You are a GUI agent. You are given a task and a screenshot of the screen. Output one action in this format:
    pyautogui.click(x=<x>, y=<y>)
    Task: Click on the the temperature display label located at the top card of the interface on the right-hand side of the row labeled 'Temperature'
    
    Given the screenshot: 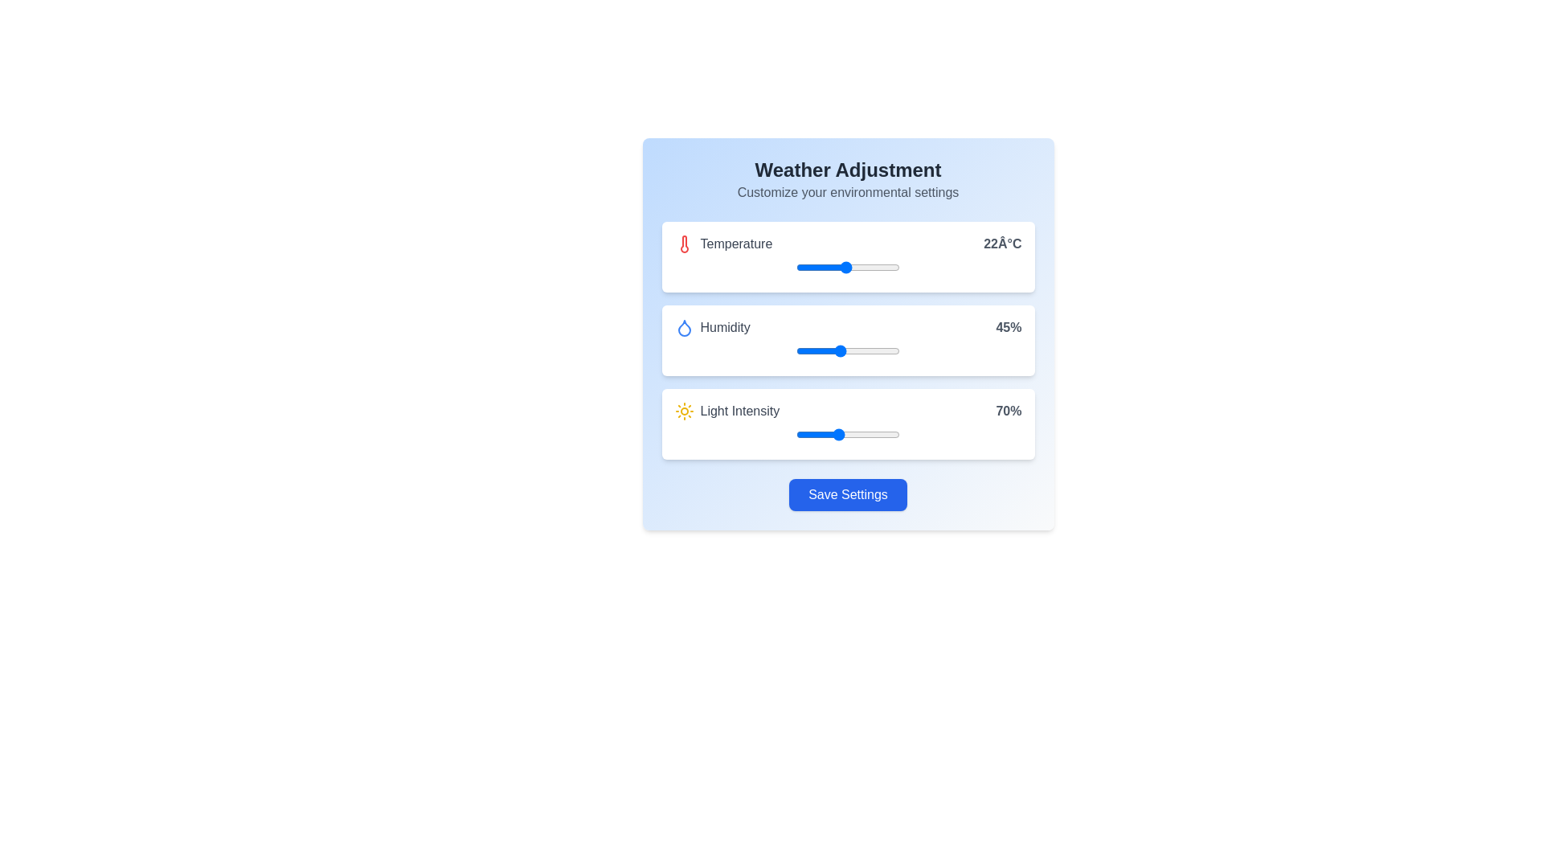 What is the action you would take?
    pyautogui.click(x=1001, y=244)
    